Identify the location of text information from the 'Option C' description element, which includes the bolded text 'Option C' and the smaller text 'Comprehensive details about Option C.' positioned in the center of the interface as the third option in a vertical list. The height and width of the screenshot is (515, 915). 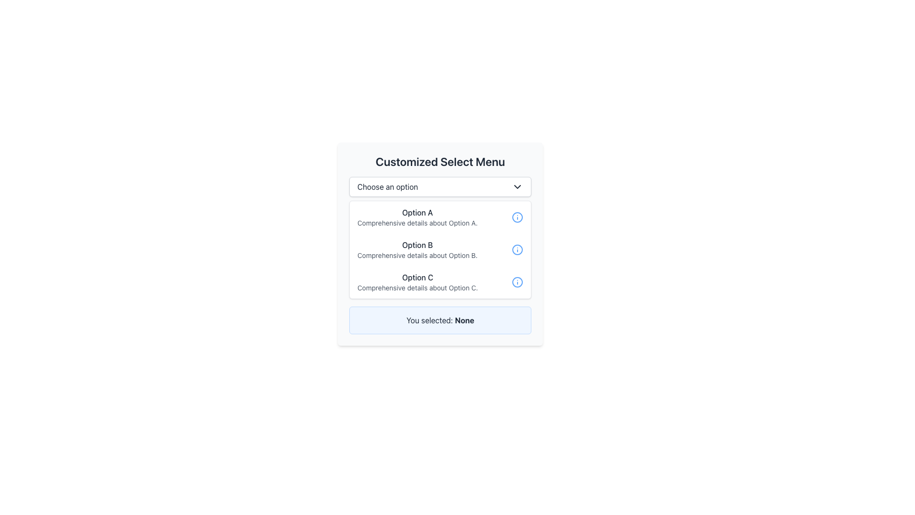
(417, 281).